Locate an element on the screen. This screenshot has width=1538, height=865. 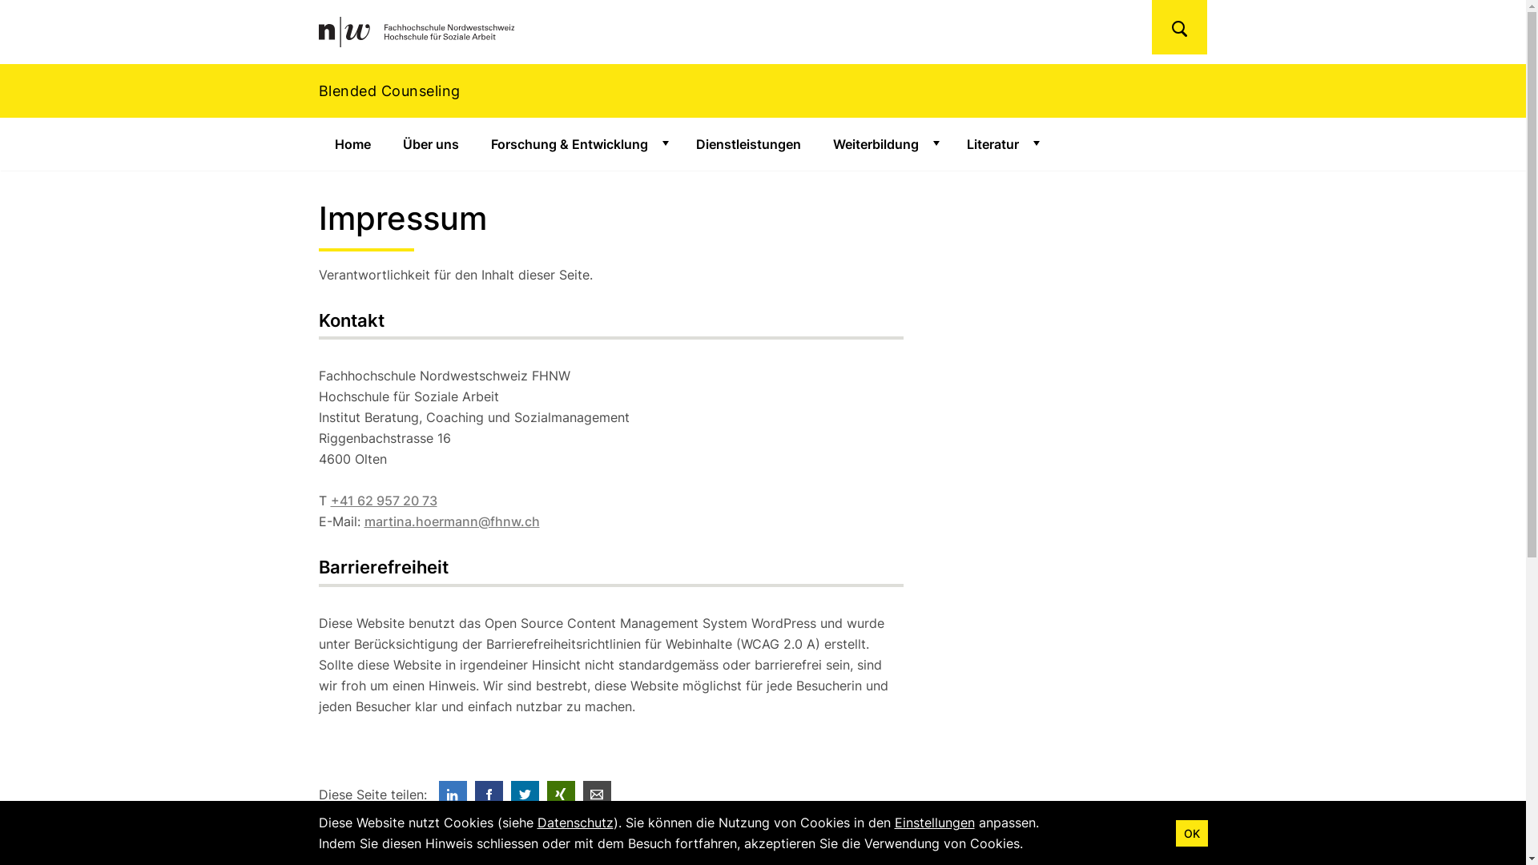
'Blended Counseling' is located at coordinates (762, 91).